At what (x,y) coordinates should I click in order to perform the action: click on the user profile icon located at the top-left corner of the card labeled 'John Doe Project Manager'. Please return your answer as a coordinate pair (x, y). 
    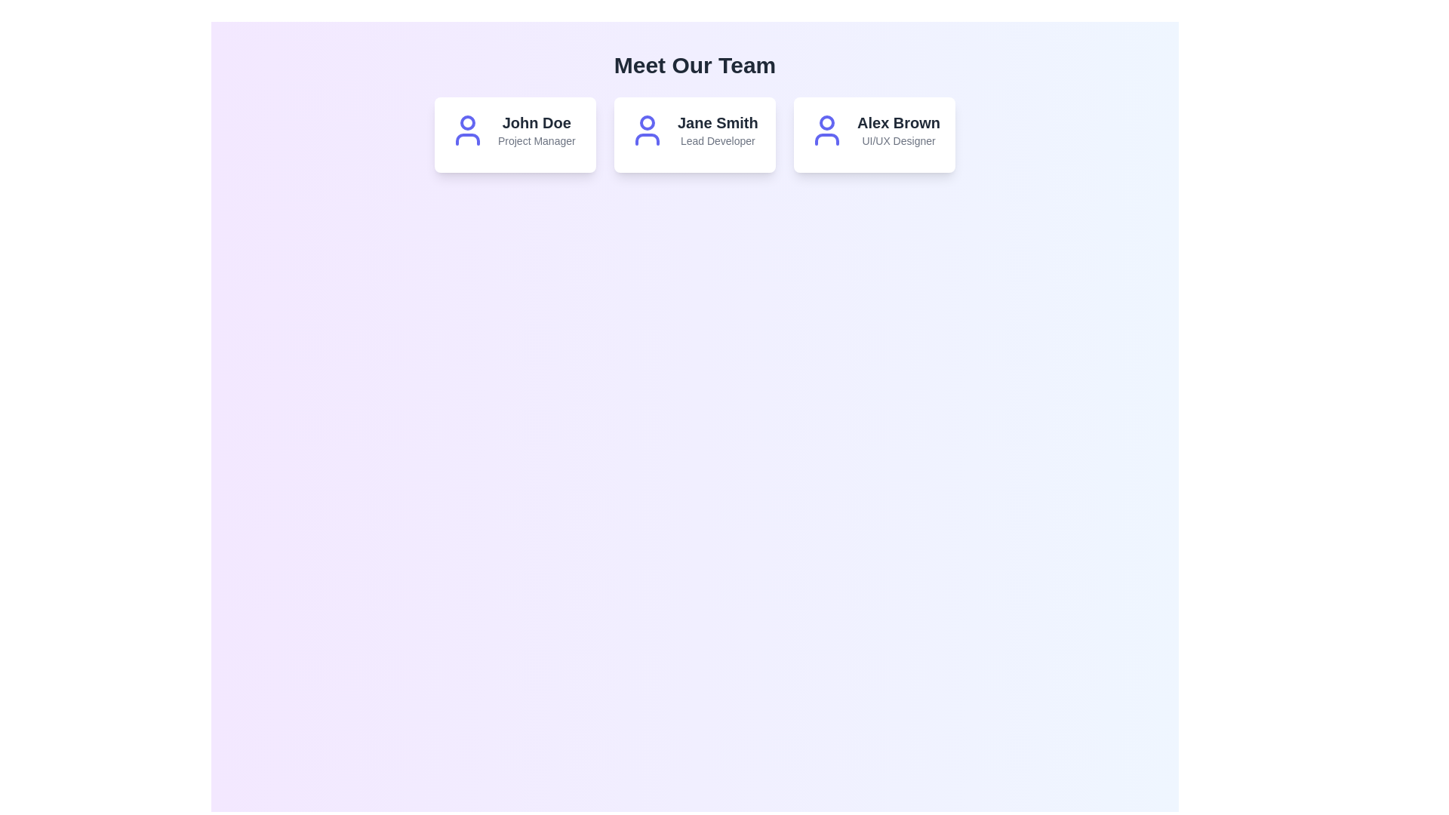
    Looking at the image, I should click on (466, 130).